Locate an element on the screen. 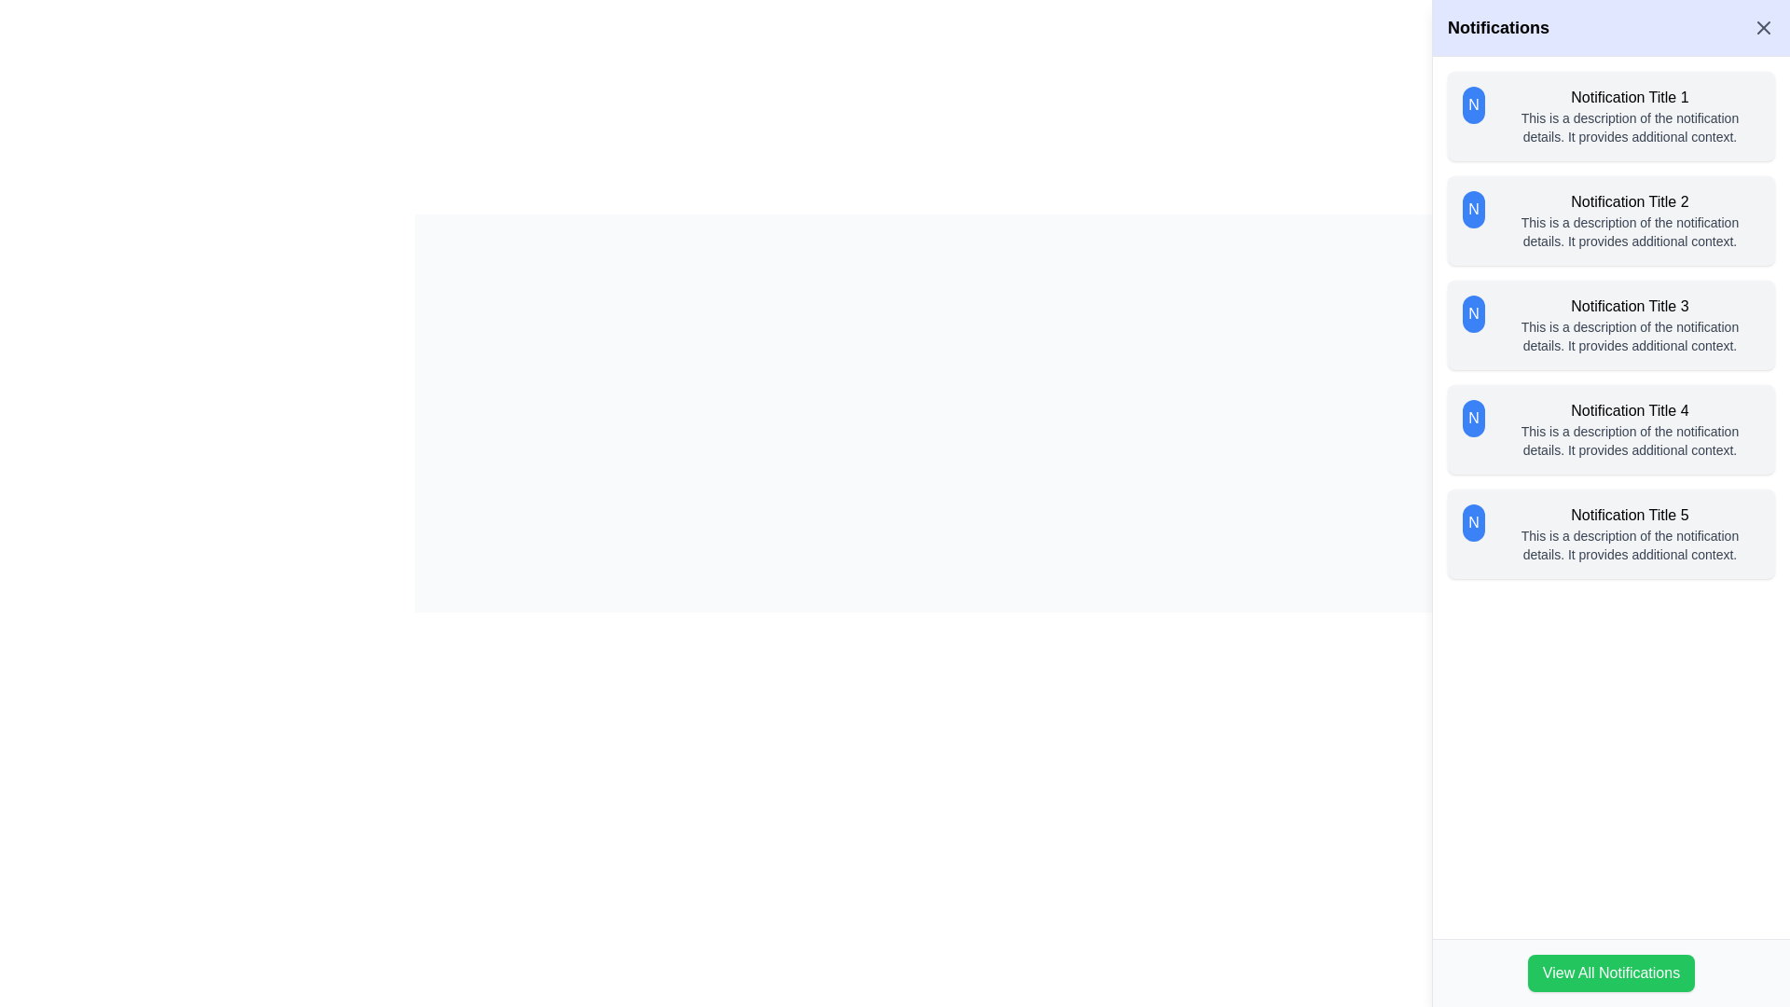 The height and width of the screenshot is (1007, 1790). text content of the Text Display Component identified by 'Notification Title 5' located in the fifth position of the notification list is located at coordinates (1629, 534).